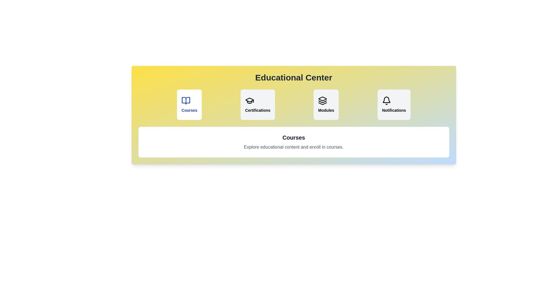 This screenshot has width=541, height=304. I want to click on the tab labeled 'Courses' to observe the hover effect, so click(189, 104).